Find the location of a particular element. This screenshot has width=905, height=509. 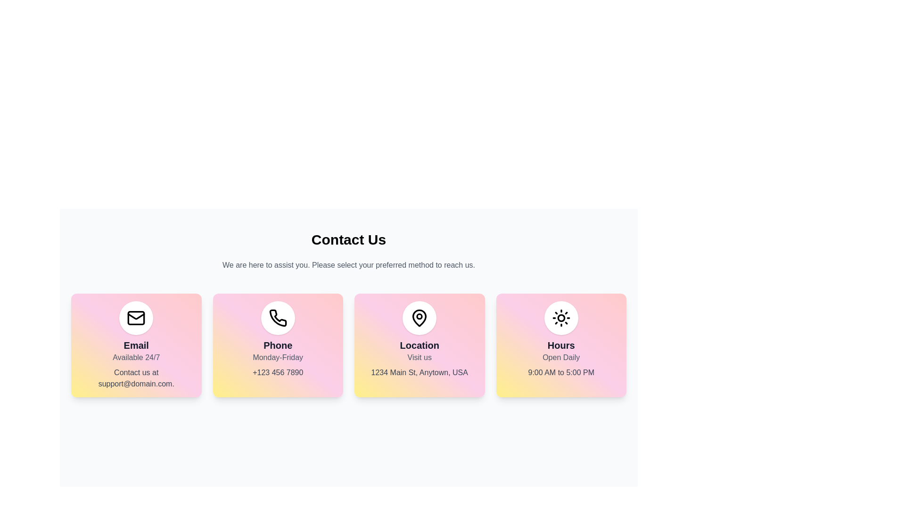

the text label displaying the phone number '+123 456 7890', which is centered in a rounded rectangular card at the bottom section of the card, below the texts 'Monday-Friday' and 'Phone' is located at coordinates (277, 372).